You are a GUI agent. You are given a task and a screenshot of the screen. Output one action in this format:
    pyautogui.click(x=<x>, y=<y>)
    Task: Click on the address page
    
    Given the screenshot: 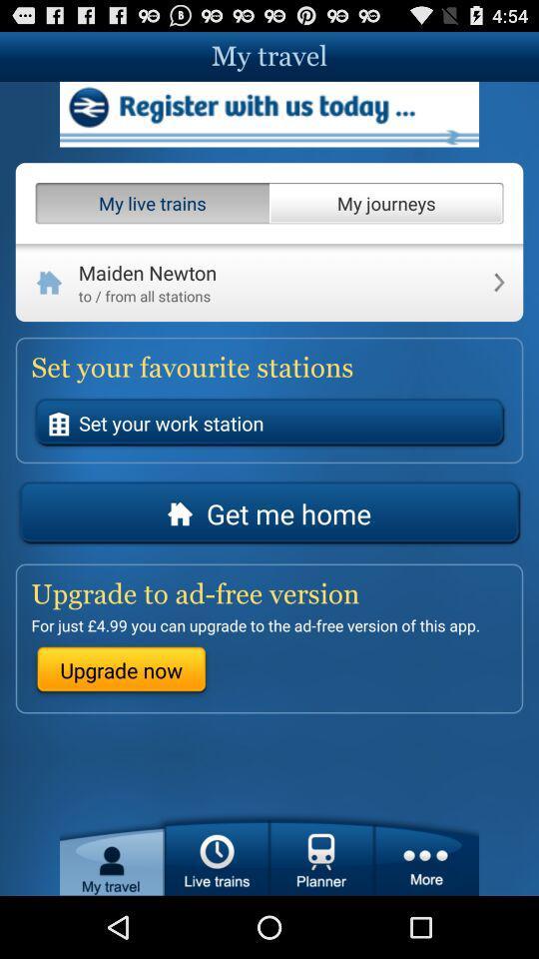 What is the action you would take?
    pyautogui.click(x=269, y=114)
    